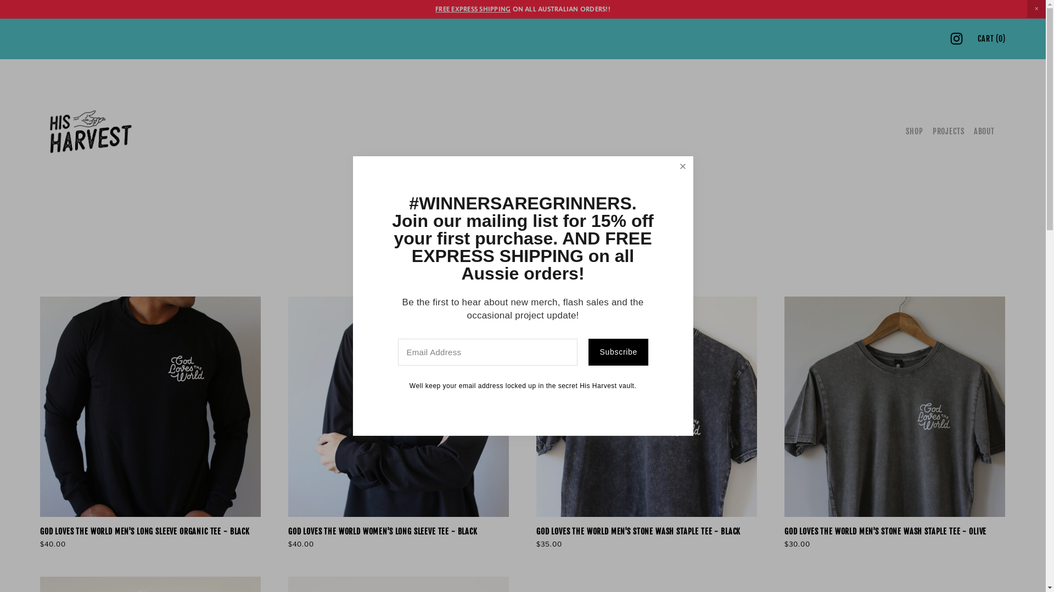 The image size is (1054, 592). I want to click on 'ABOUT', so click(984, 130).